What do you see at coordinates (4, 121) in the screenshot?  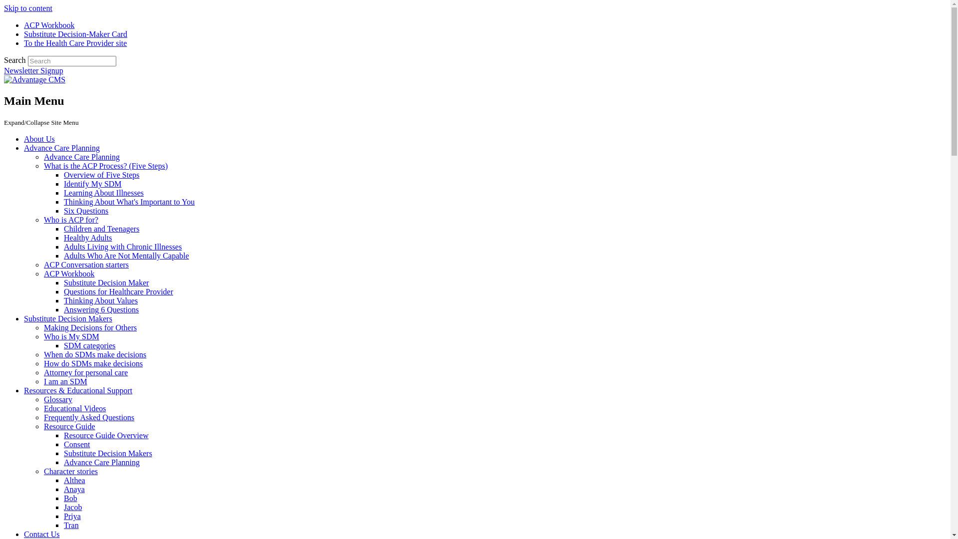 I see `'Expand/Collapse Site Menu'` at bounding box center [4, 121].